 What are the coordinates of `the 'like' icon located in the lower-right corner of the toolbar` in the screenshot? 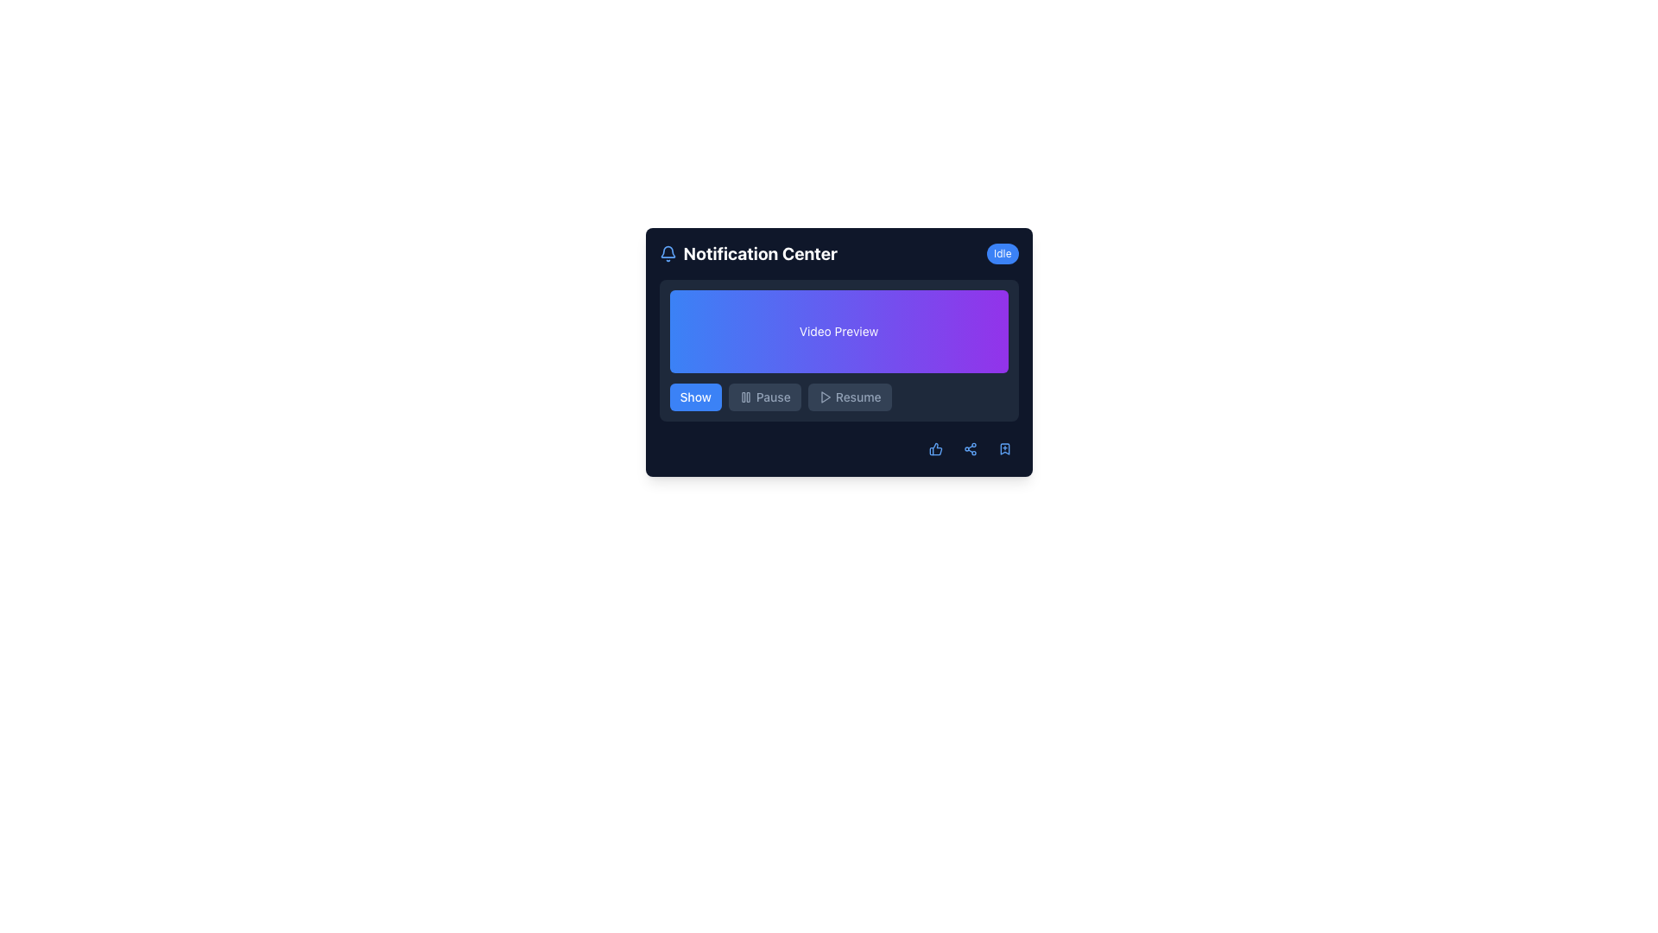 It's located at (934, 448).